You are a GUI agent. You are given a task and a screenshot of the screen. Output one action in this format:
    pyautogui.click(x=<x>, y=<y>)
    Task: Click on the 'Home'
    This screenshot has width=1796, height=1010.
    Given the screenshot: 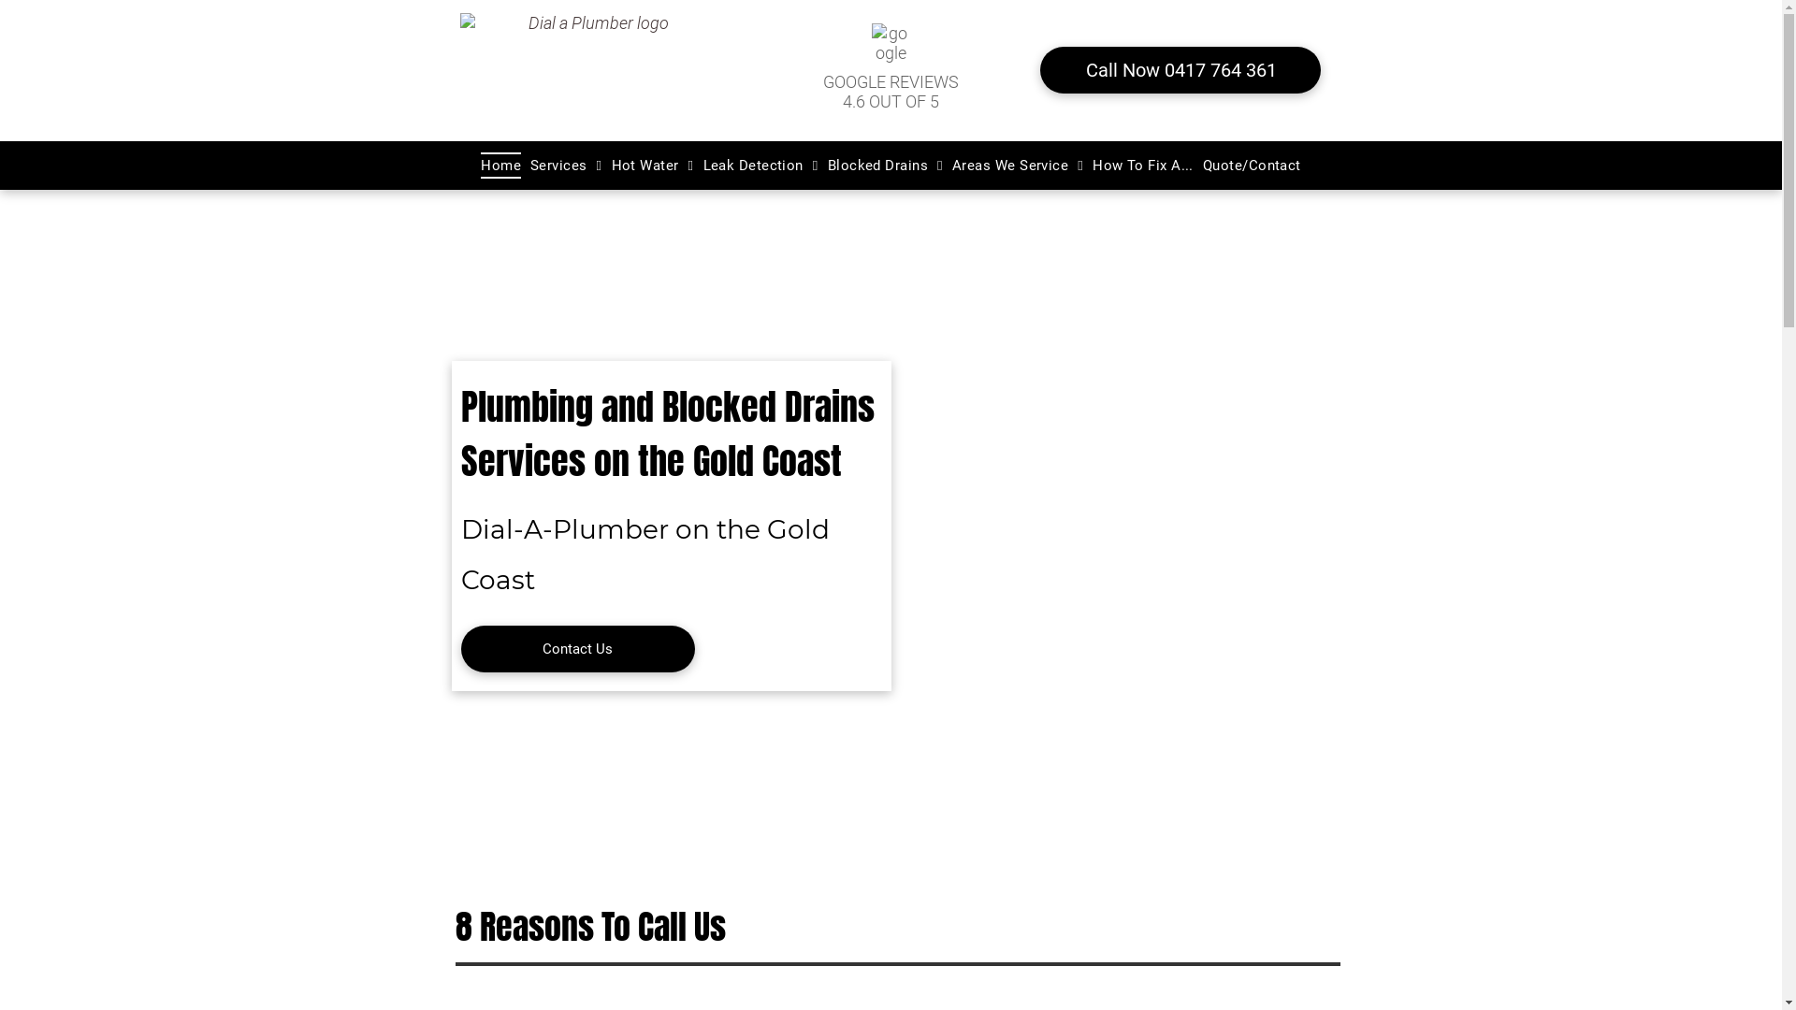 What is the action you would take?
    pyautogui.click(x=500, y=165)
    